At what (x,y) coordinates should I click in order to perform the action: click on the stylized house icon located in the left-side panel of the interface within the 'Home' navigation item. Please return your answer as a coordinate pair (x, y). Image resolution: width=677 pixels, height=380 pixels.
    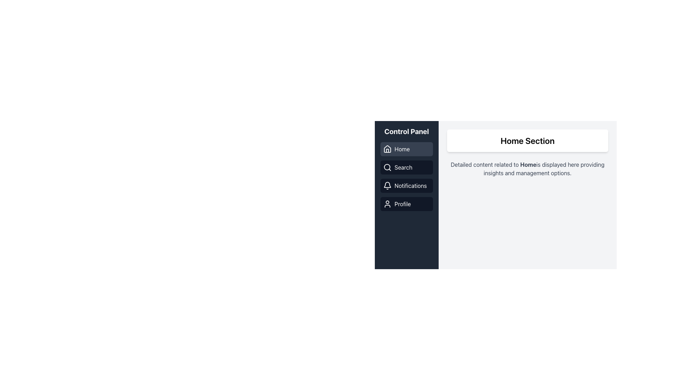
    Looking at the image, I should click on (387, 148).